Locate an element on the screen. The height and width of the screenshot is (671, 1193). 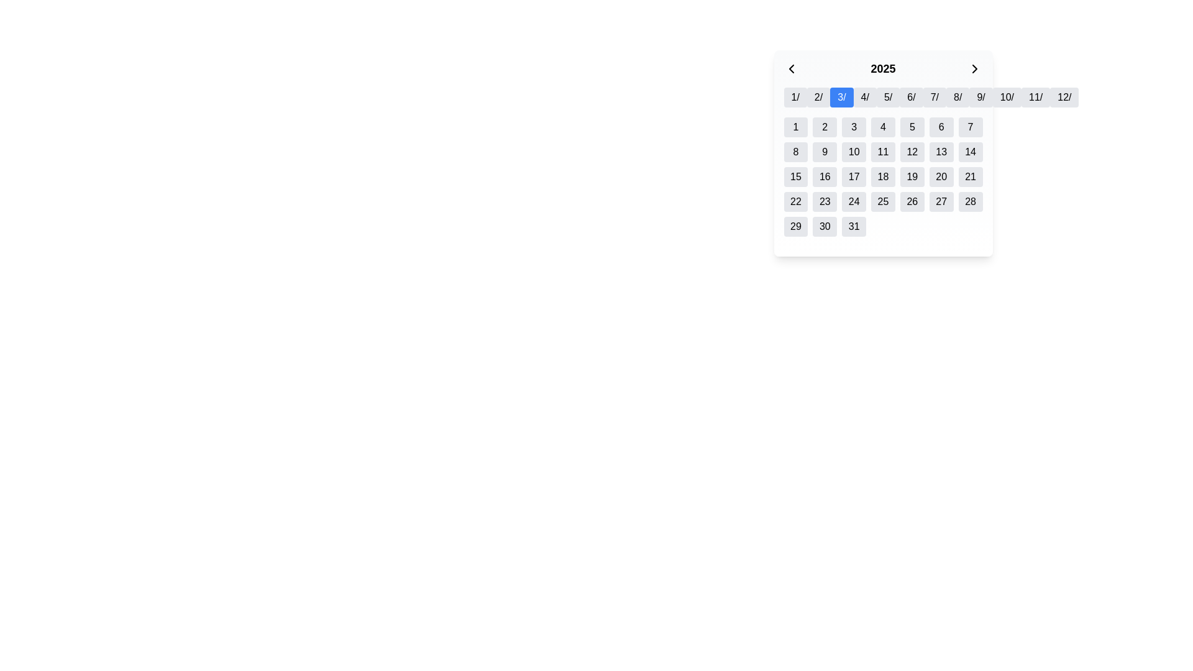
the button labeled '4' in the first row and fourth column of the grid is located at coordinates (882, 127).